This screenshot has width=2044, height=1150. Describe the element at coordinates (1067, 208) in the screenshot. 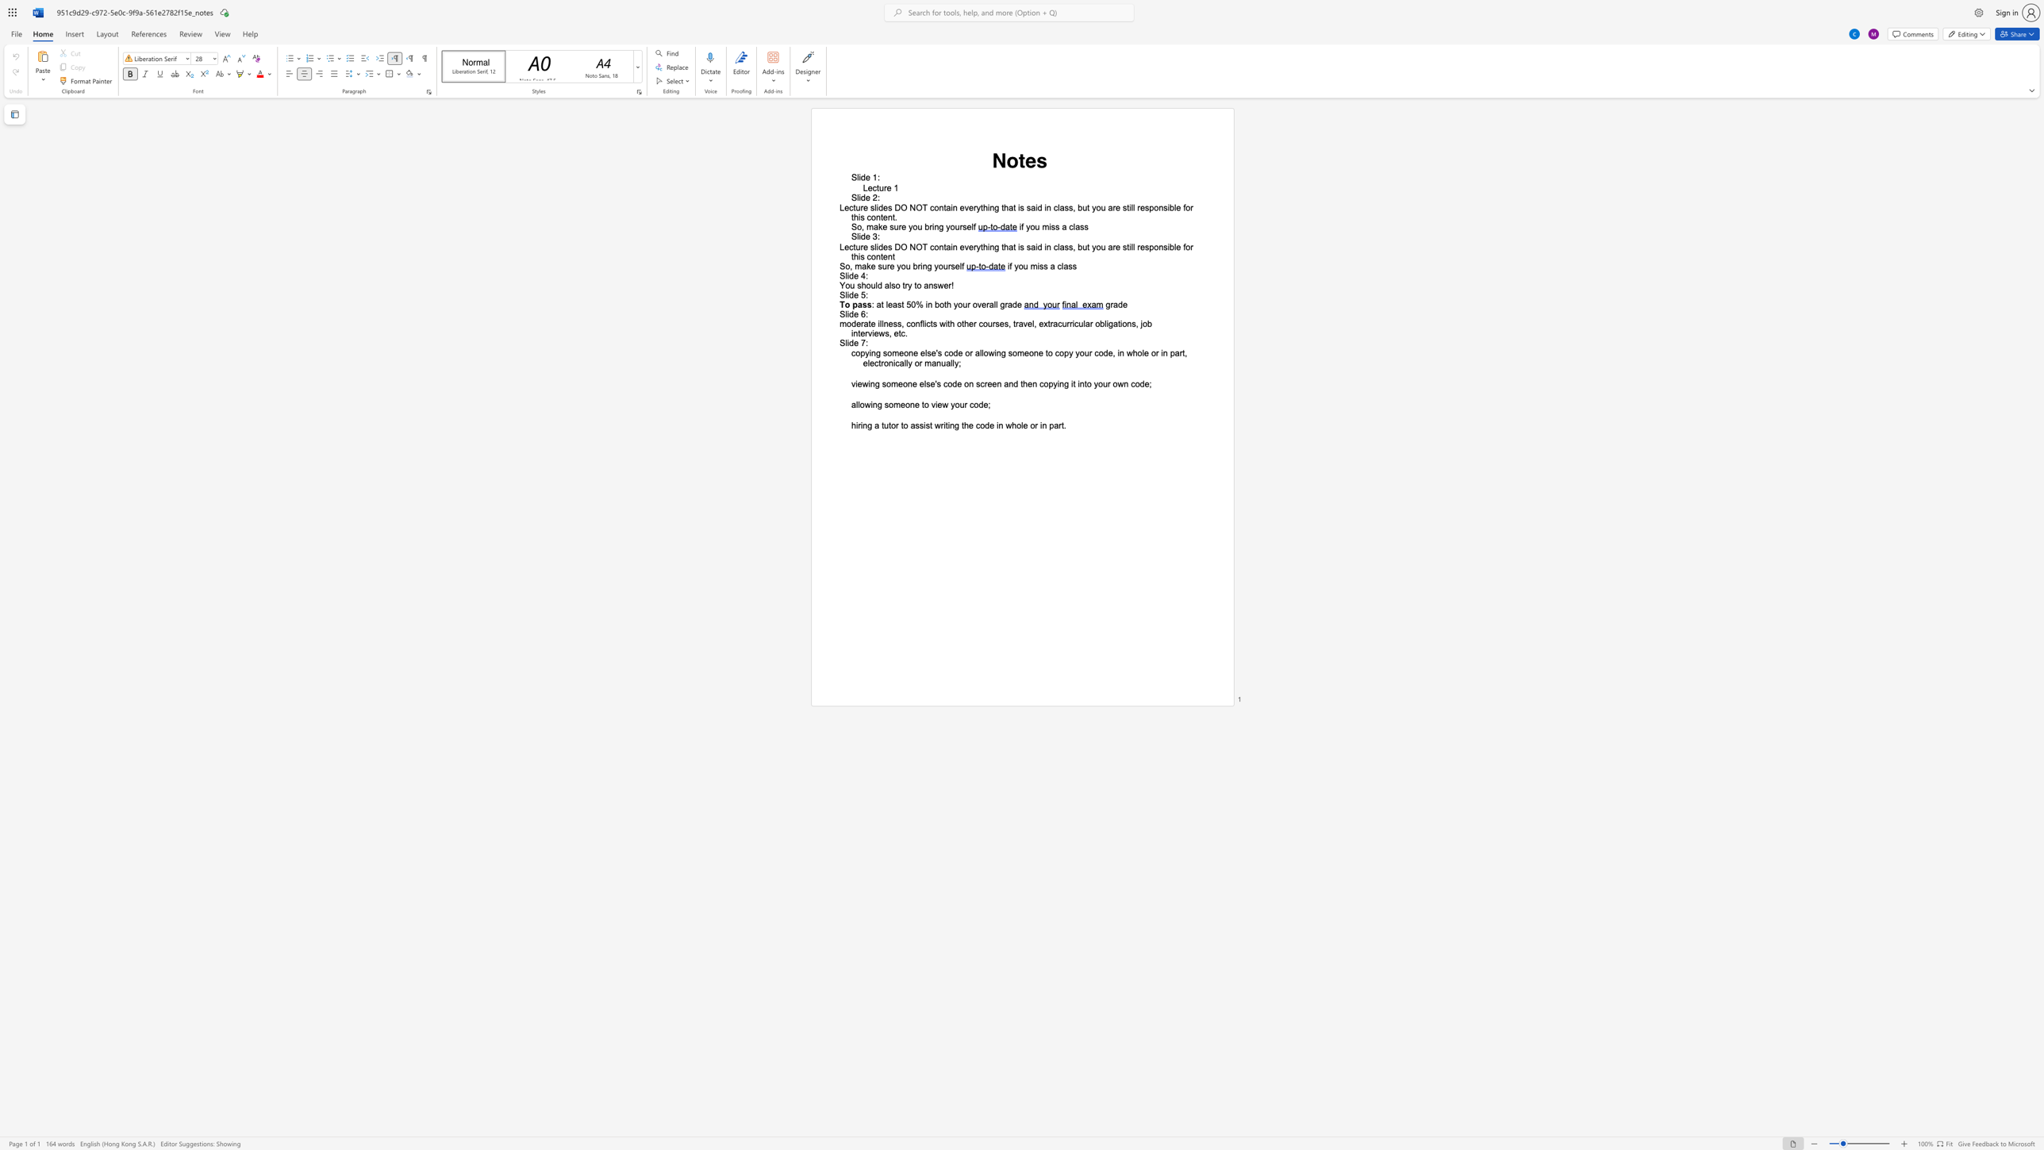

I see `the subset text "s, but you are sti" within the text "everything that is said in class, but you are still responsible for this content."` at that location.